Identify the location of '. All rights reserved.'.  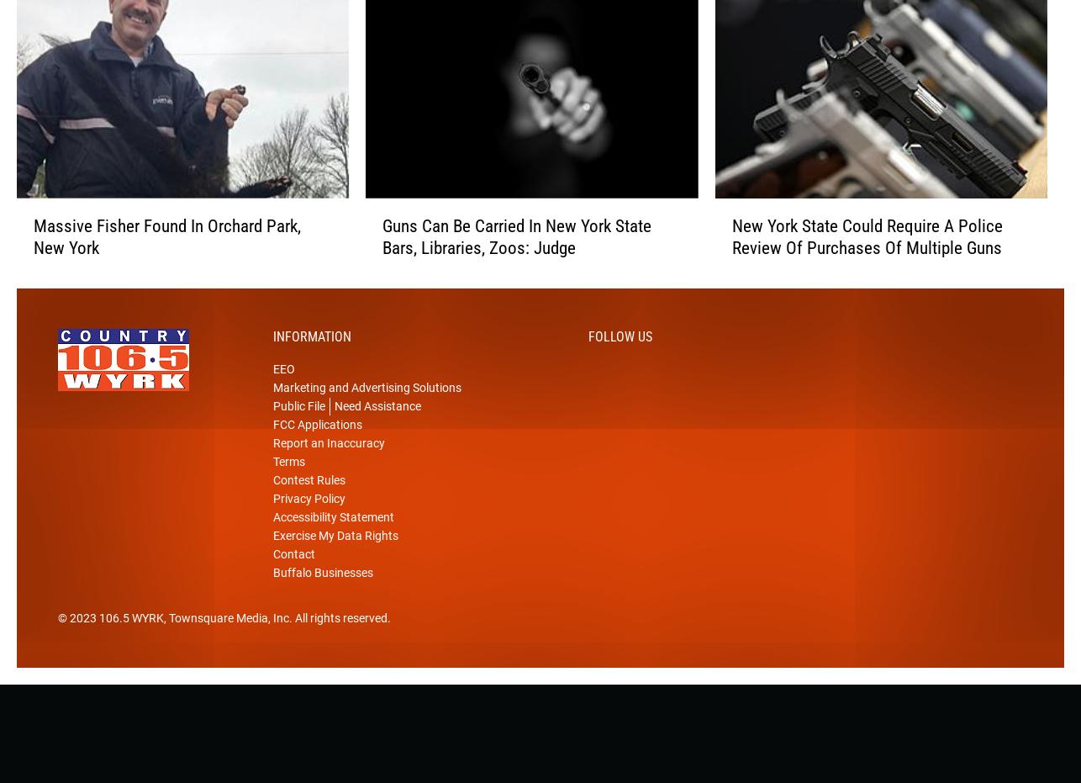
(339, 644).